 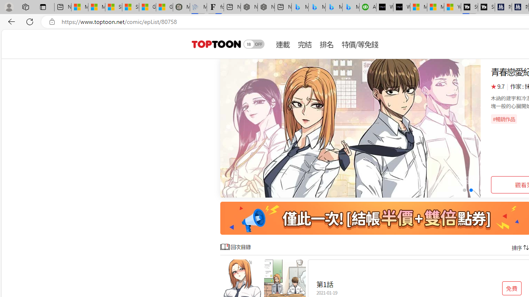 What do you see at coordinates (471, 190) in the screenshot?
I see `'Go to slide 2'` at bounding box center [471, 190].